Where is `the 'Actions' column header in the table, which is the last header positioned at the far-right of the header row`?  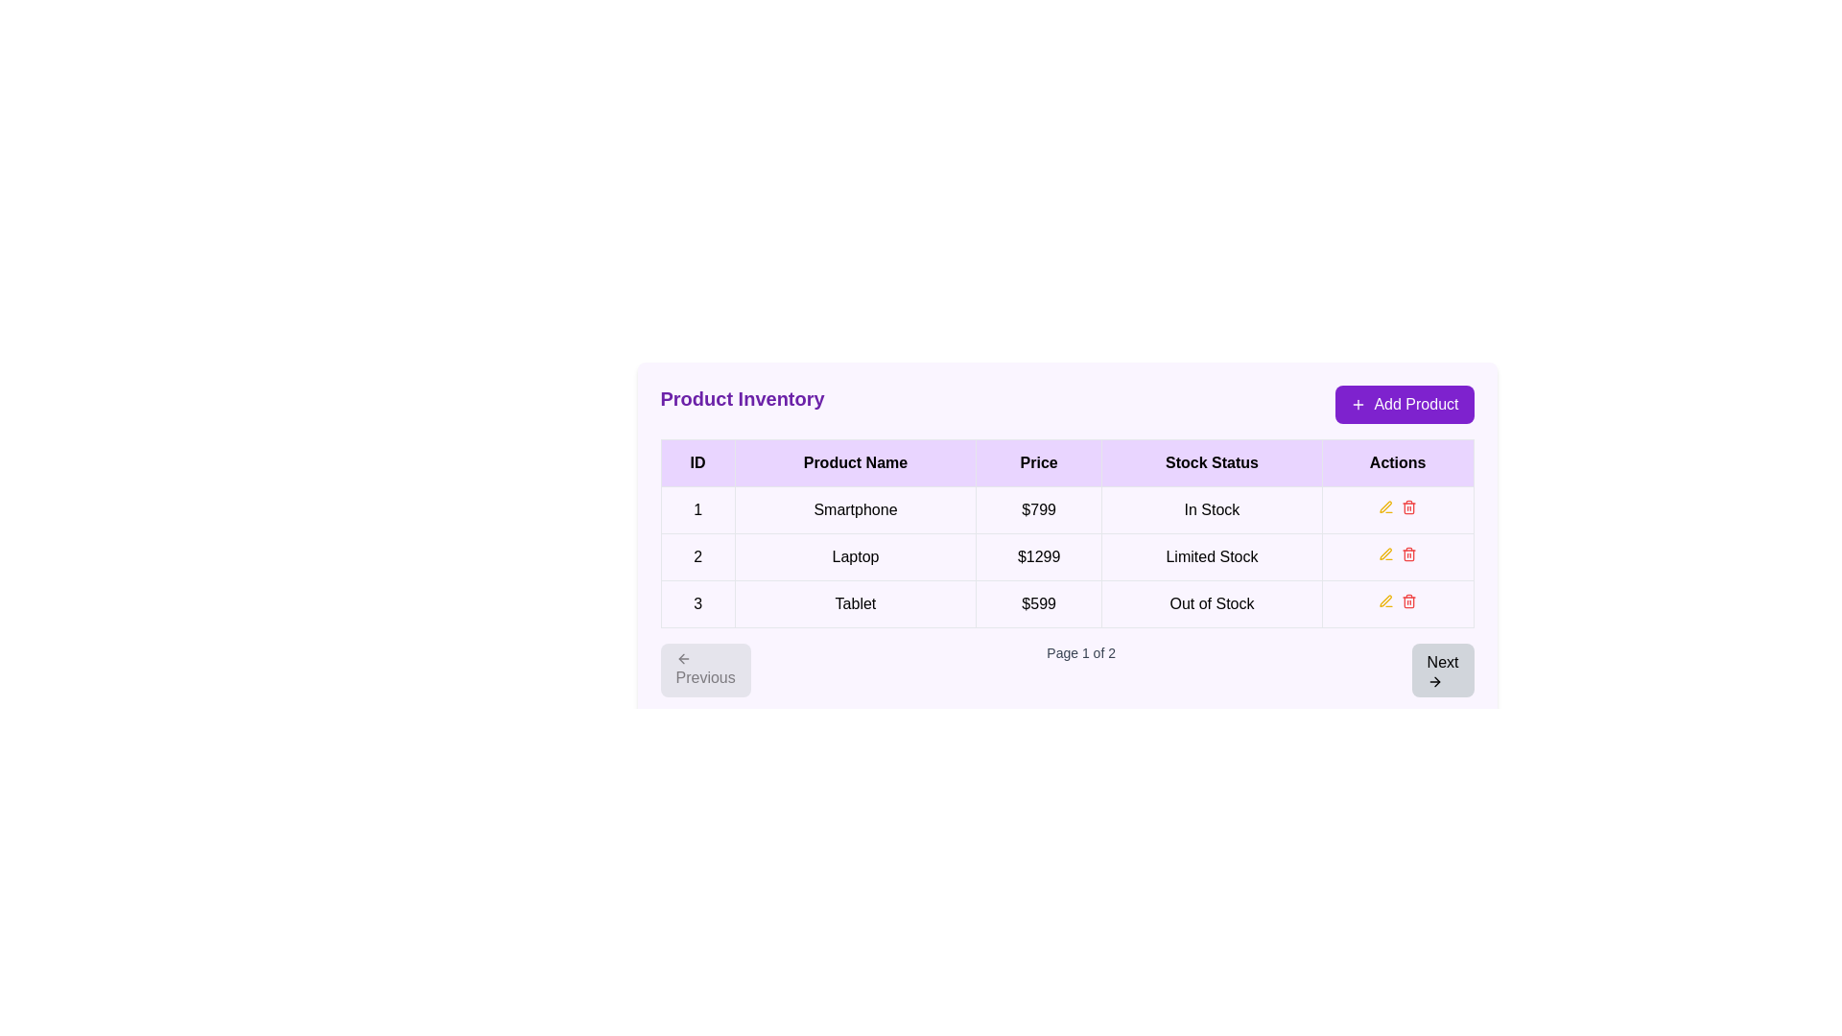
the 'Actions' column header in the table, which is the last header positioned at the far-right of the header row is located at coordinates (1398, 462).